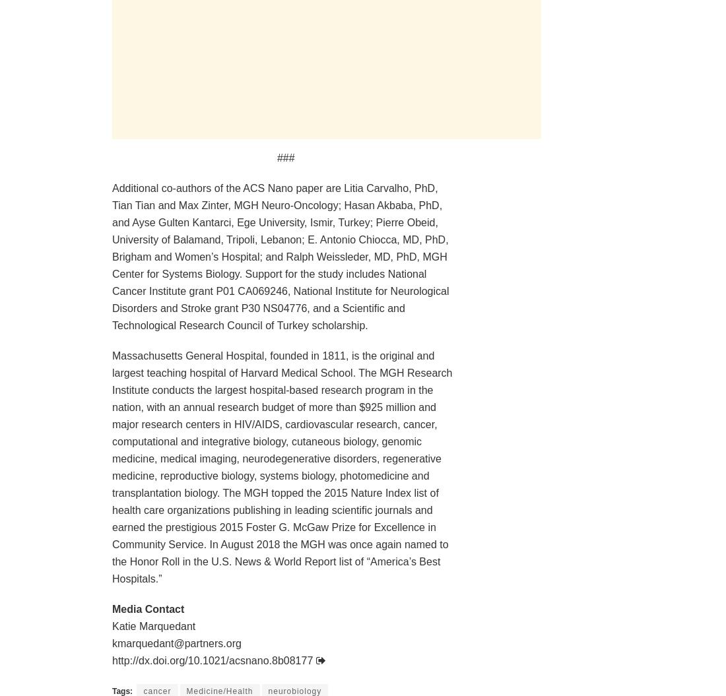 The image size is (726, 696). I want to click on 'acsnano.', so click(249, 659).